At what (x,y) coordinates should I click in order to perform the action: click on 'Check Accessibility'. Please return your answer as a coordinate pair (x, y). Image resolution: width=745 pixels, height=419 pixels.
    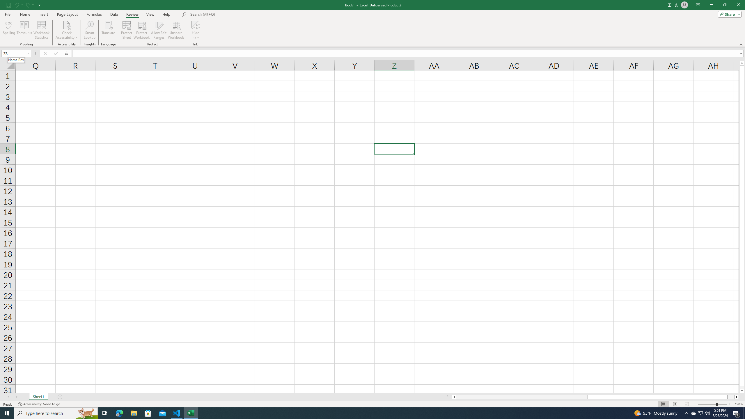
    Looking at the image, I should click on (66, 24).